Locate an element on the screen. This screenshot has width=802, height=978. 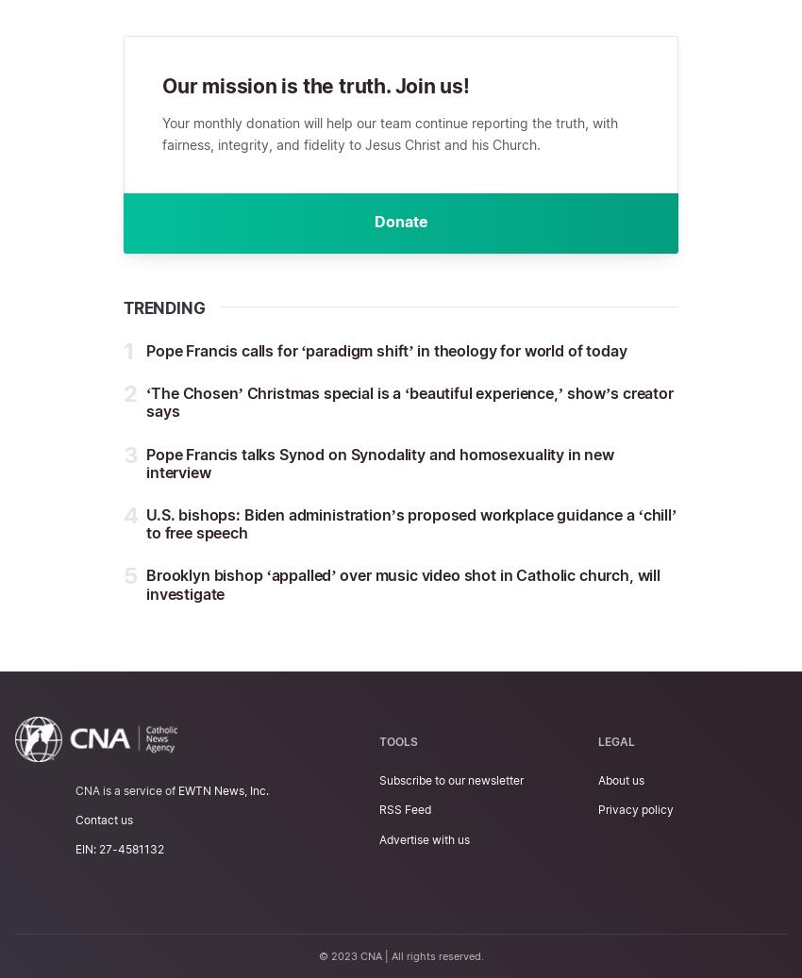
'© 2023 CNA | All rights reserved.' is located at coordinates (400, 955).